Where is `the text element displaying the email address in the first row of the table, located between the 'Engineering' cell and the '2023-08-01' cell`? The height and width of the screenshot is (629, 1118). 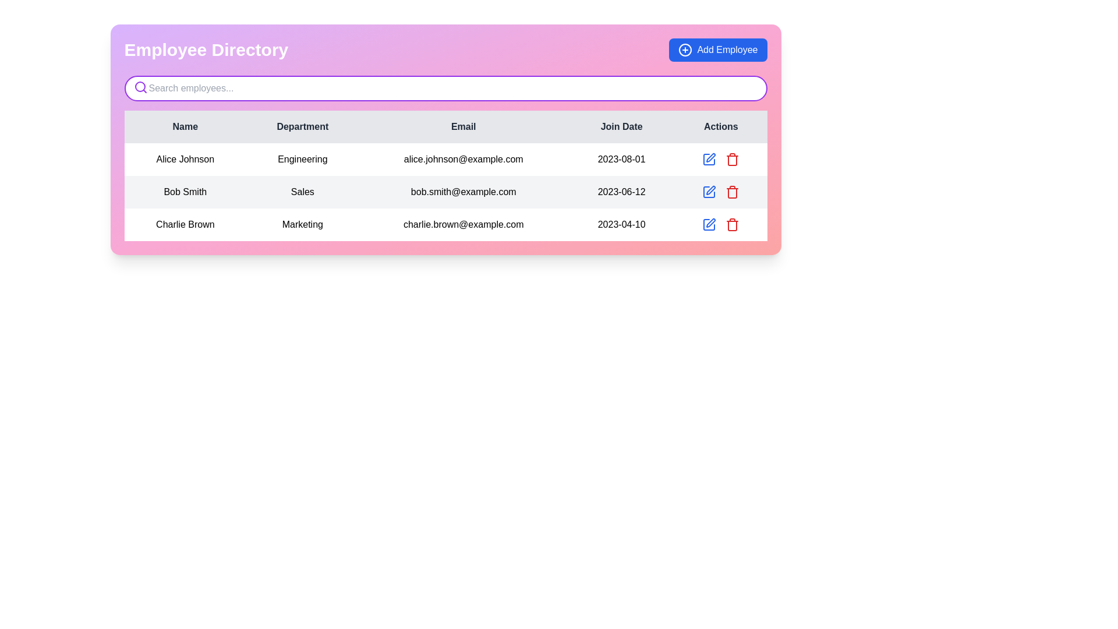 the text element displaying the email address in the first row of the table, located between the 'Engineering' cell and the '2023-08-01' cell is located at coordinates (463, 159).